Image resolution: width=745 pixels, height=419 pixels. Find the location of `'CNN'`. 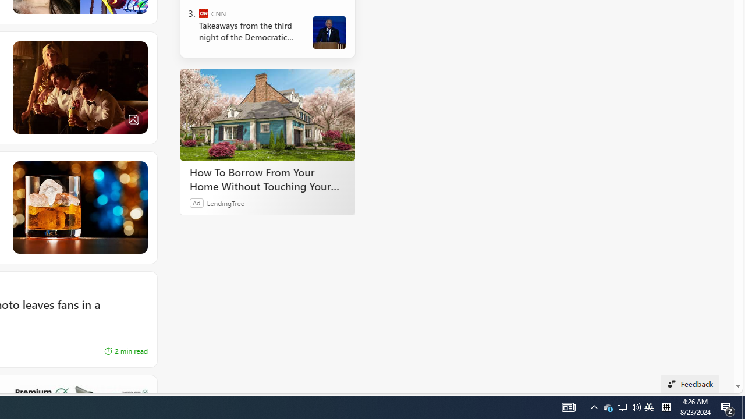

'CNN' is located at coordinates (204, 13).